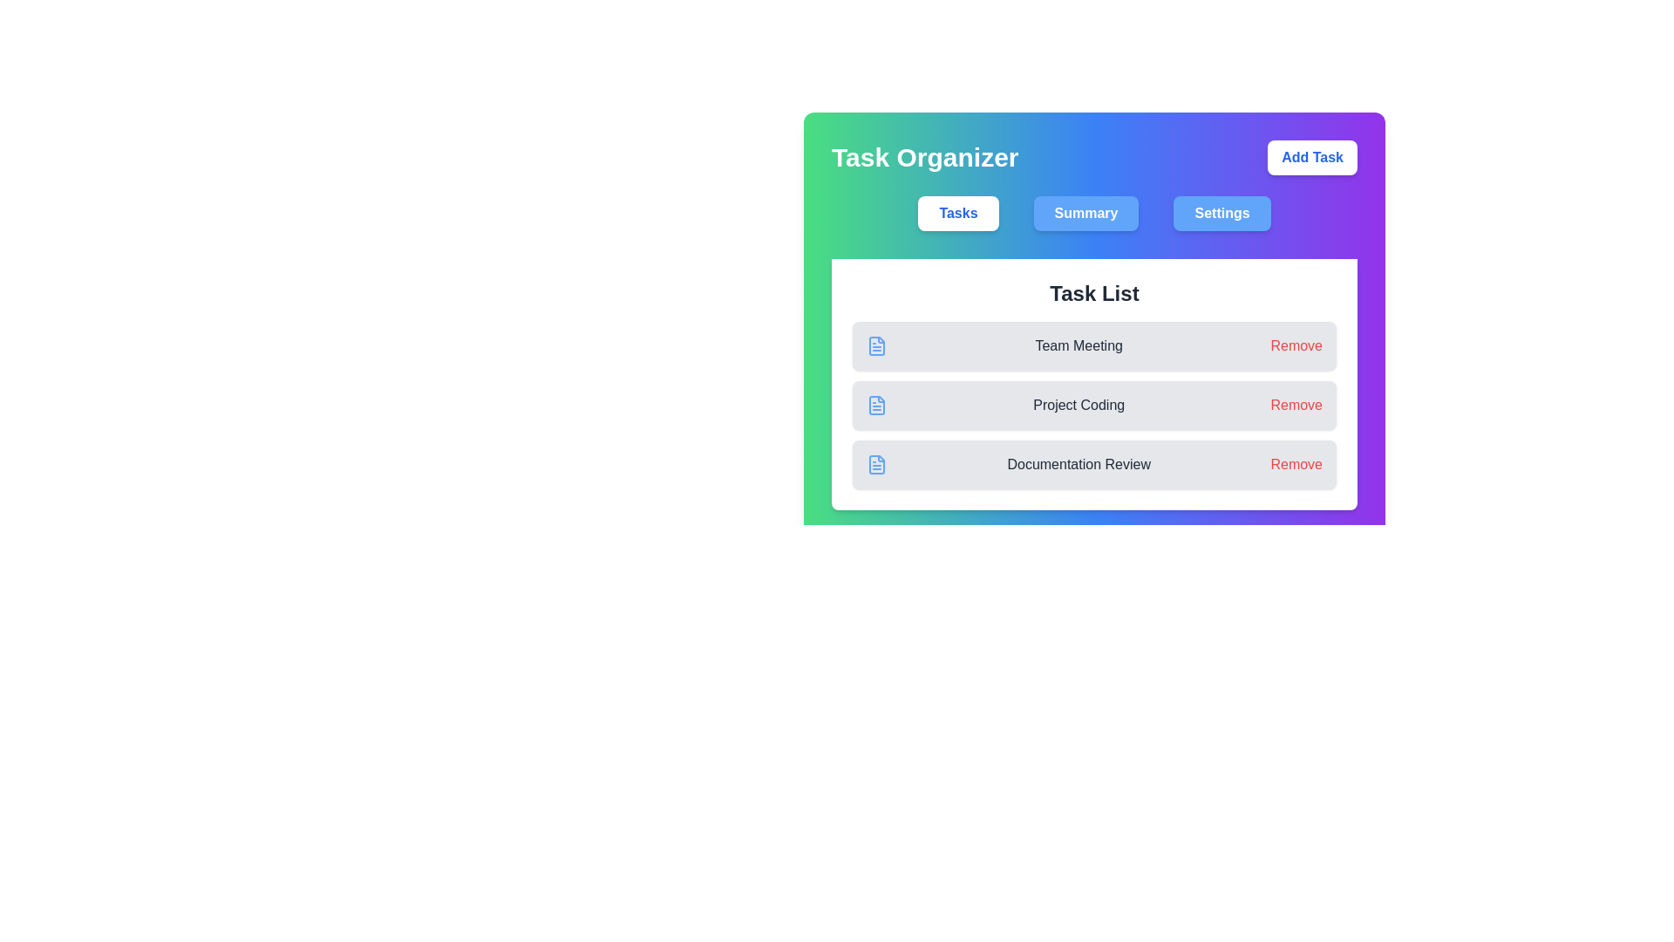  I want to click on the icon representing the 'Documentation Review' task, located at the beginning of the third row in the task list, so click(877, 463).